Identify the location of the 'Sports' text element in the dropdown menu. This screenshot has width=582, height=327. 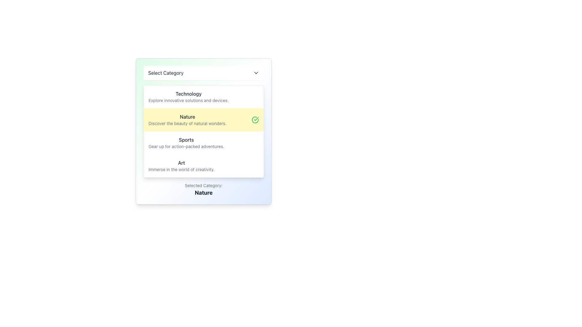
(186, 143).